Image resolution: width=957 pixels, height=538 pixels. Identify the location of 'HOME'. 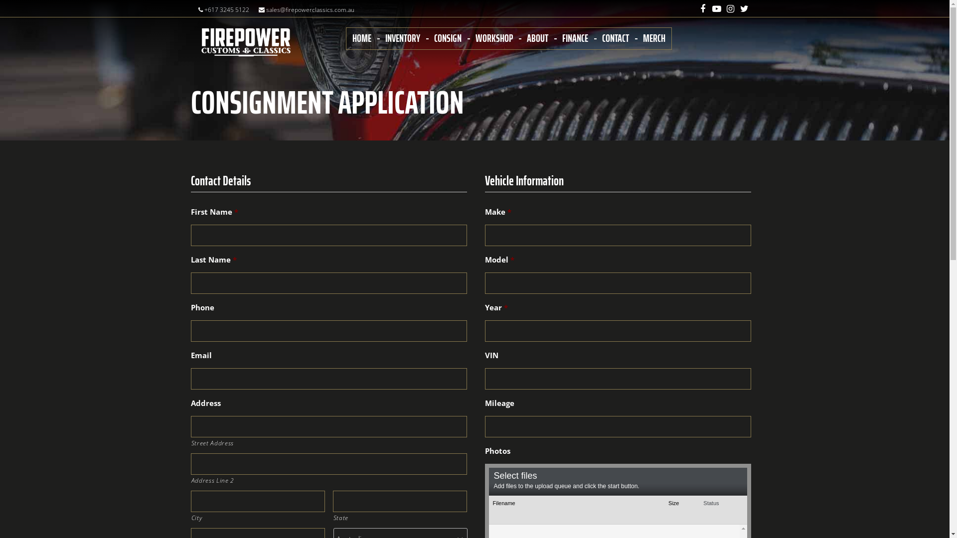
(360, 37).